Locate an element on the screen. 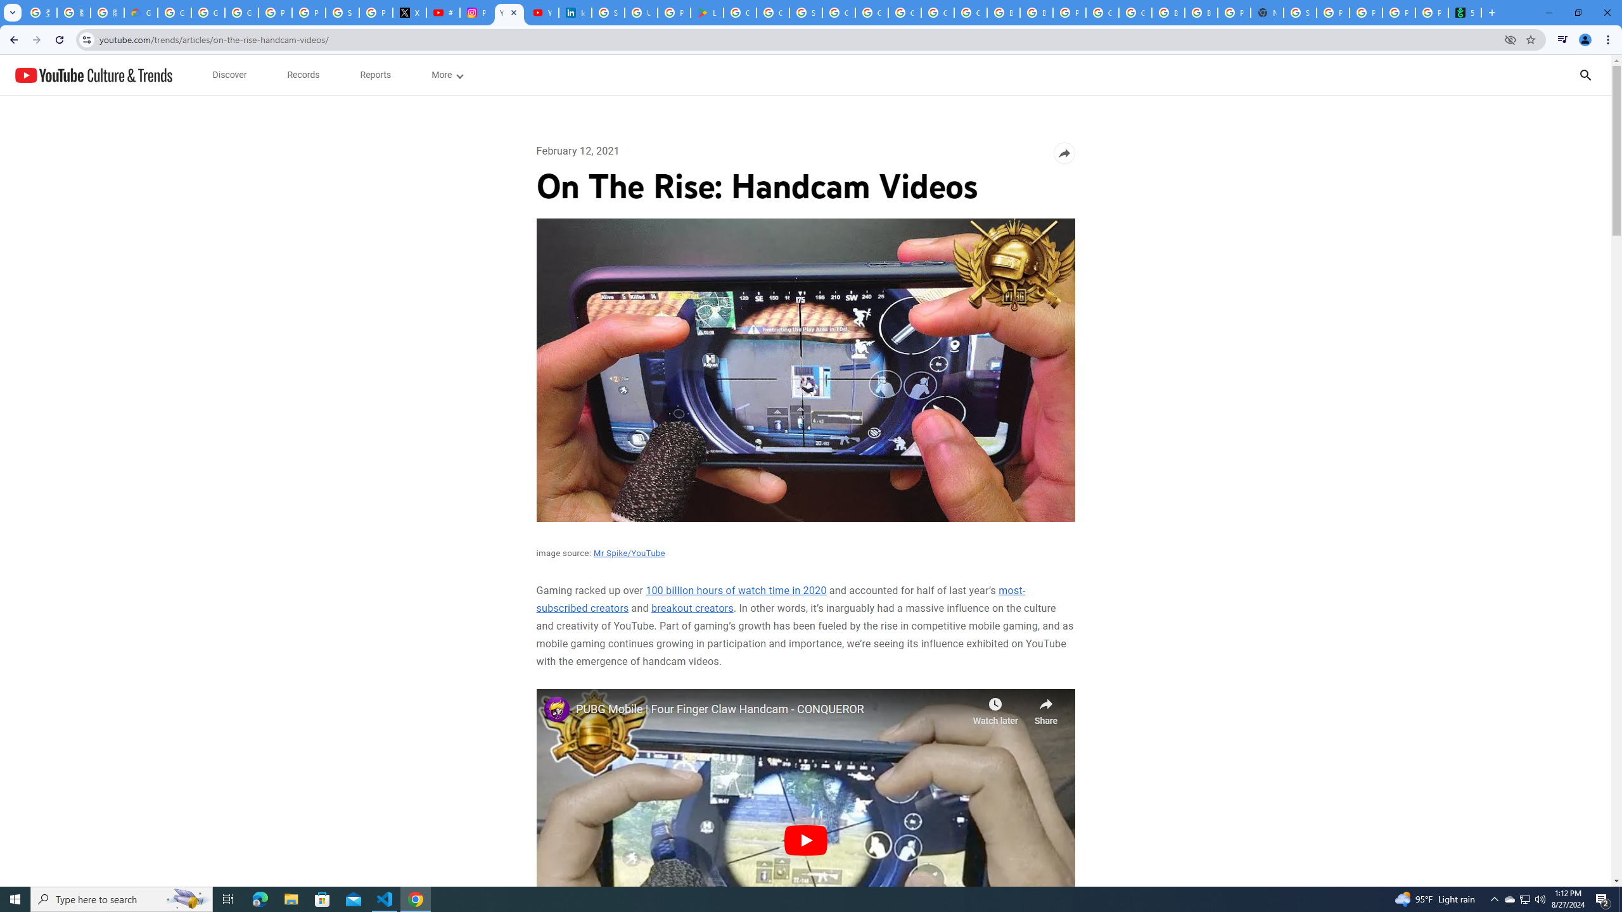  'Last Shelter: Survival - Apps on Google Play' is located at coordinates (707, 12).